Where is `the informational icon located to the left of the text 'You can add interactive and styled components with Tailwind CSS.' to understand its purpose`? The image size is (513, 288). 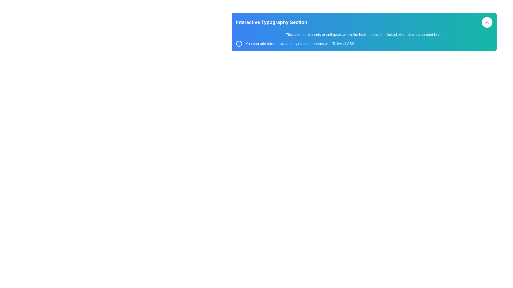 the informational icon located to the left of the text 'You can add interactive and styled components with Tailwind CSS.' to understand its purpose is located at coordinates (239, 43).